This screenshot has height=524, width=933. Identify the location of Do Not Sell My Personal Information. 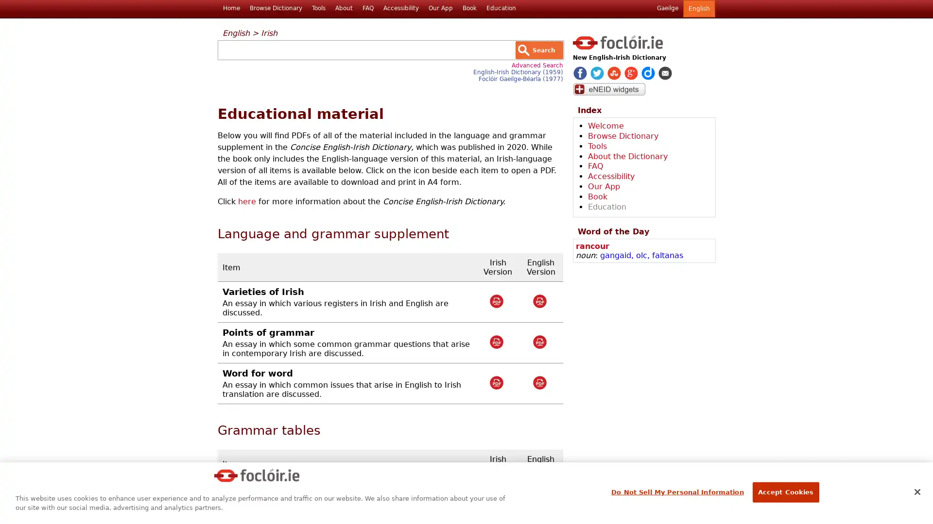
(676, 492).